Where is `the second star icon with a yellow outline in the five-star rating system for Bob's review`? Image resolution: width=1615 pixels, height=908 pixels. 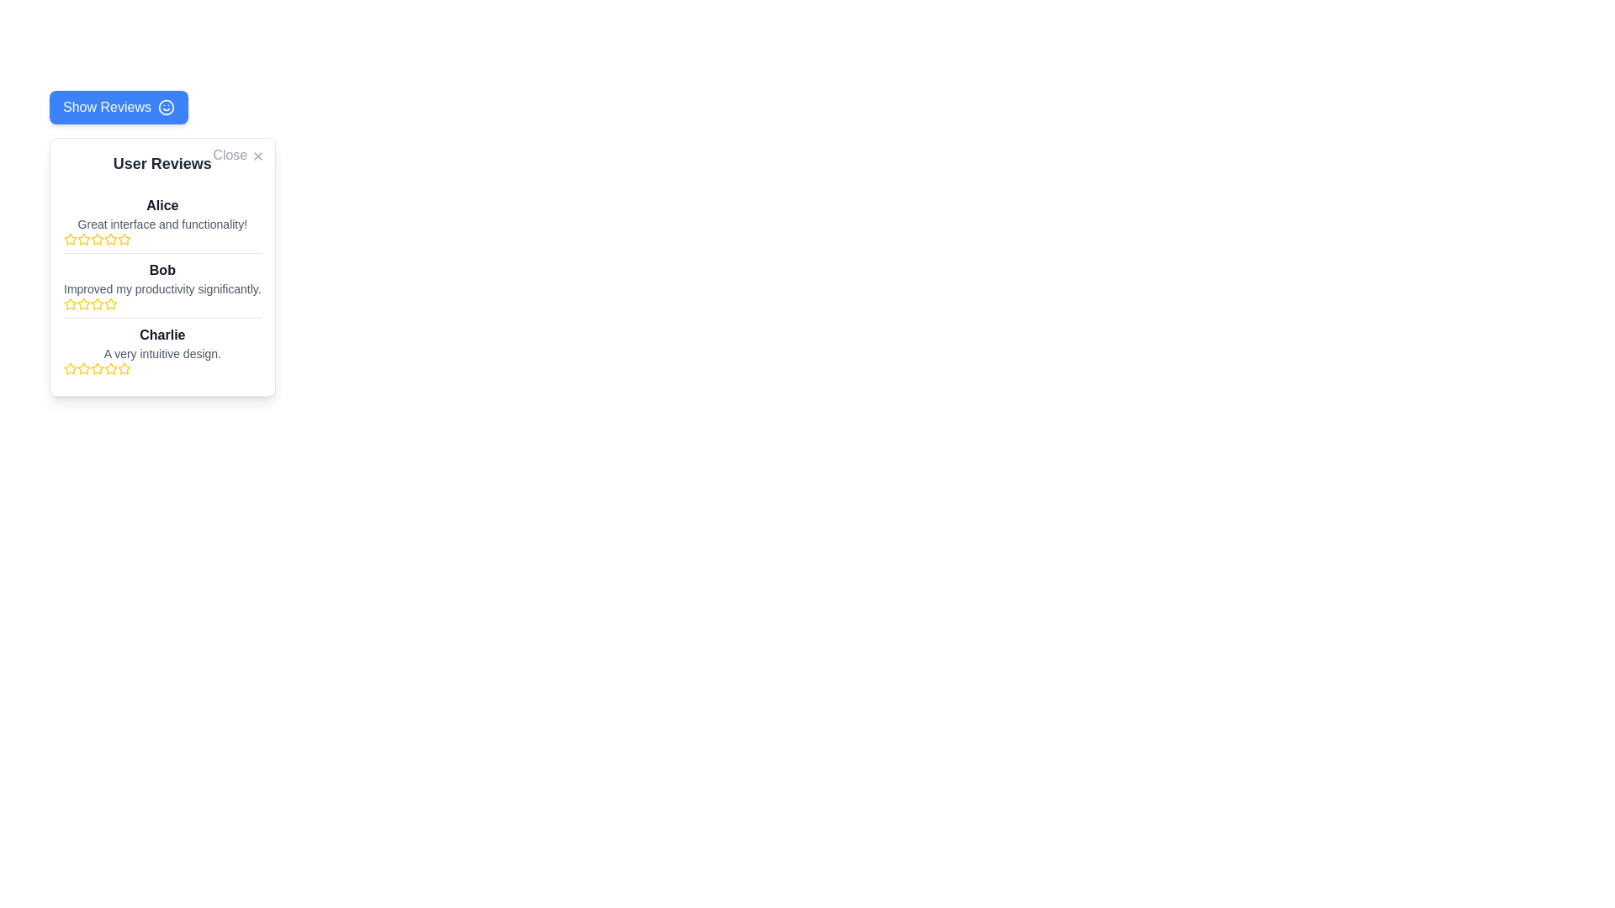 the second star icon with a yellow outline in the five-star rating system for Bob's review is located at coordinates (110, 304).